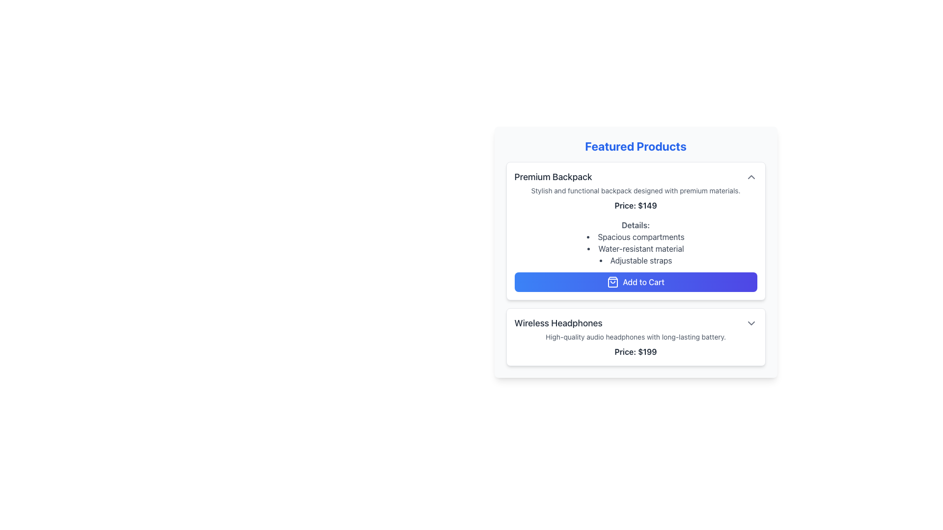  Describe the element at coordinates (636, 225) in the screenshot. I see `the Heading label that categorizes the product information for 'Premium Backpack', which is positioned below the price and above the features list` at that location.